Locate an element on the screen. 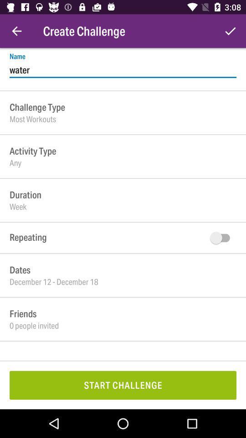  turn on/off repeat option is located at coordinates (221, 237).